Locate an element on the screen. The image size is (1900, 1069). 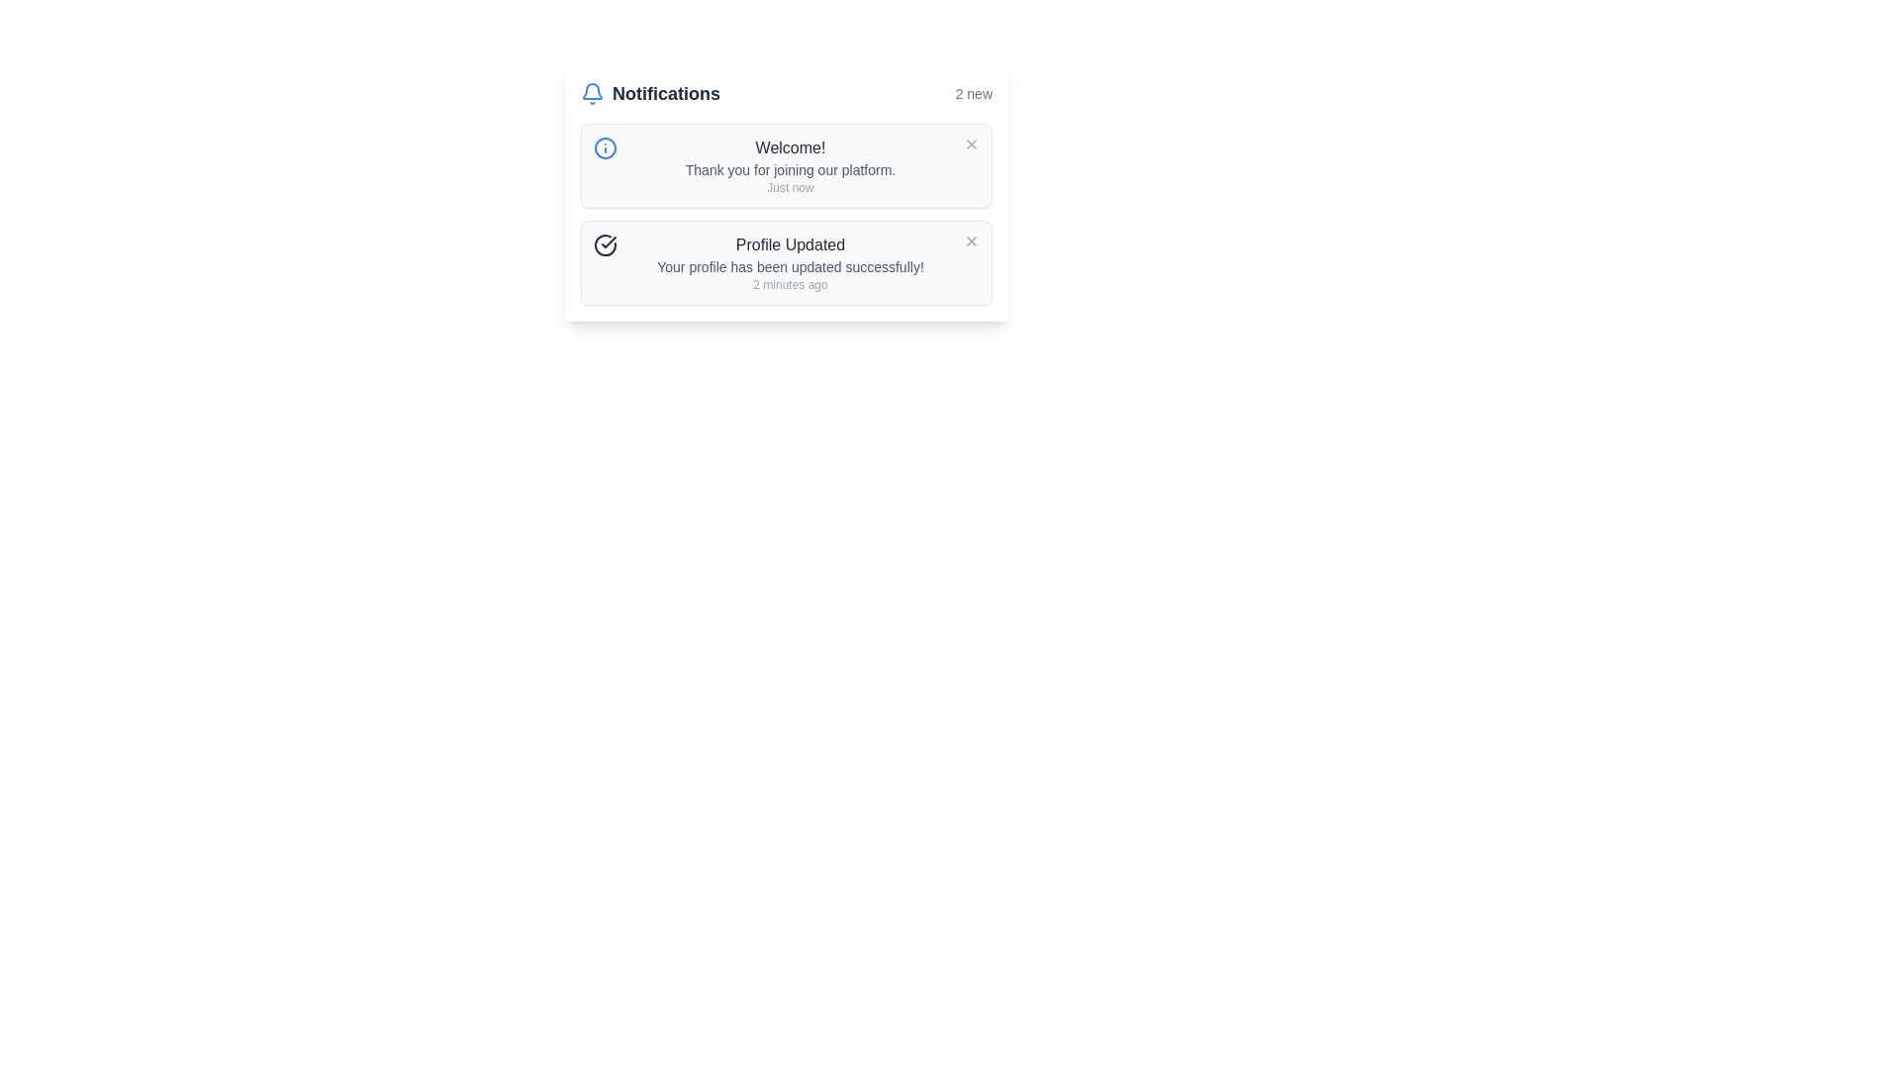
the welcoming message text that provides additional description within the notification section, located between the 'Welcome!' header and the timestamp 'Just now' is located at coordinates (789, 169).